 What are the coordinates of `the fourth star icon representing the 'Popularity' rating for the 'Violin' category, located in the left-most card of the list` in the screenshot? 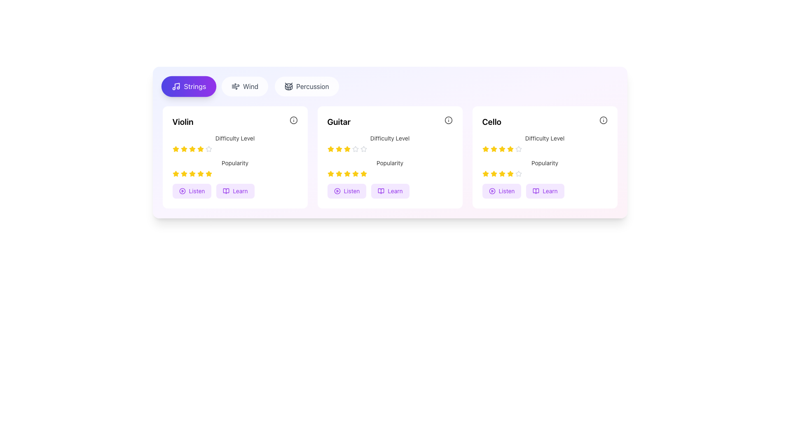 It's located at (175, 173).